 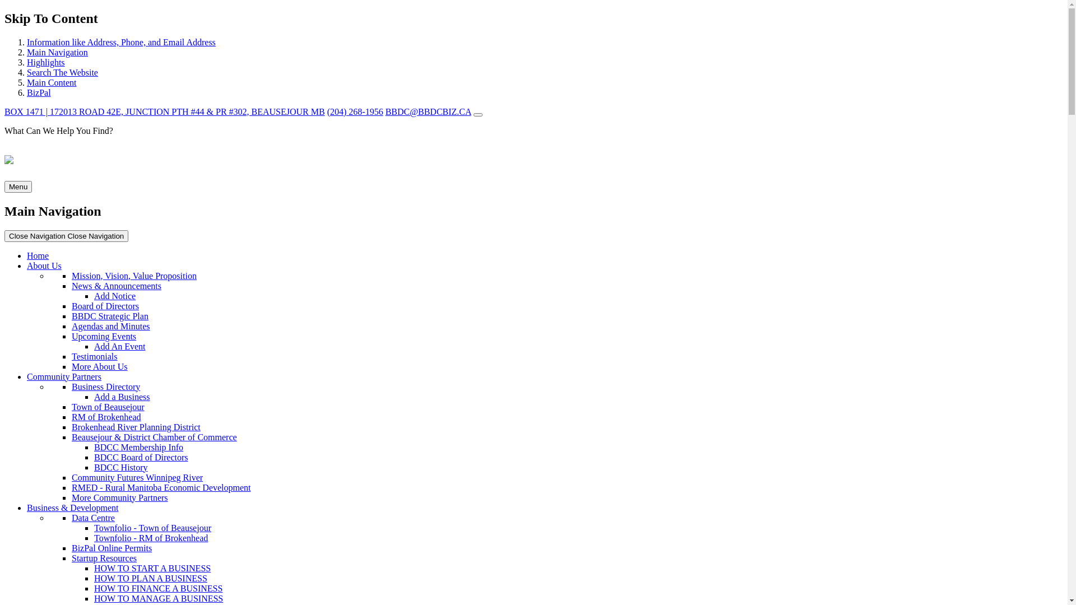 I want to click on 'About Us', so click(x=44, y=266).